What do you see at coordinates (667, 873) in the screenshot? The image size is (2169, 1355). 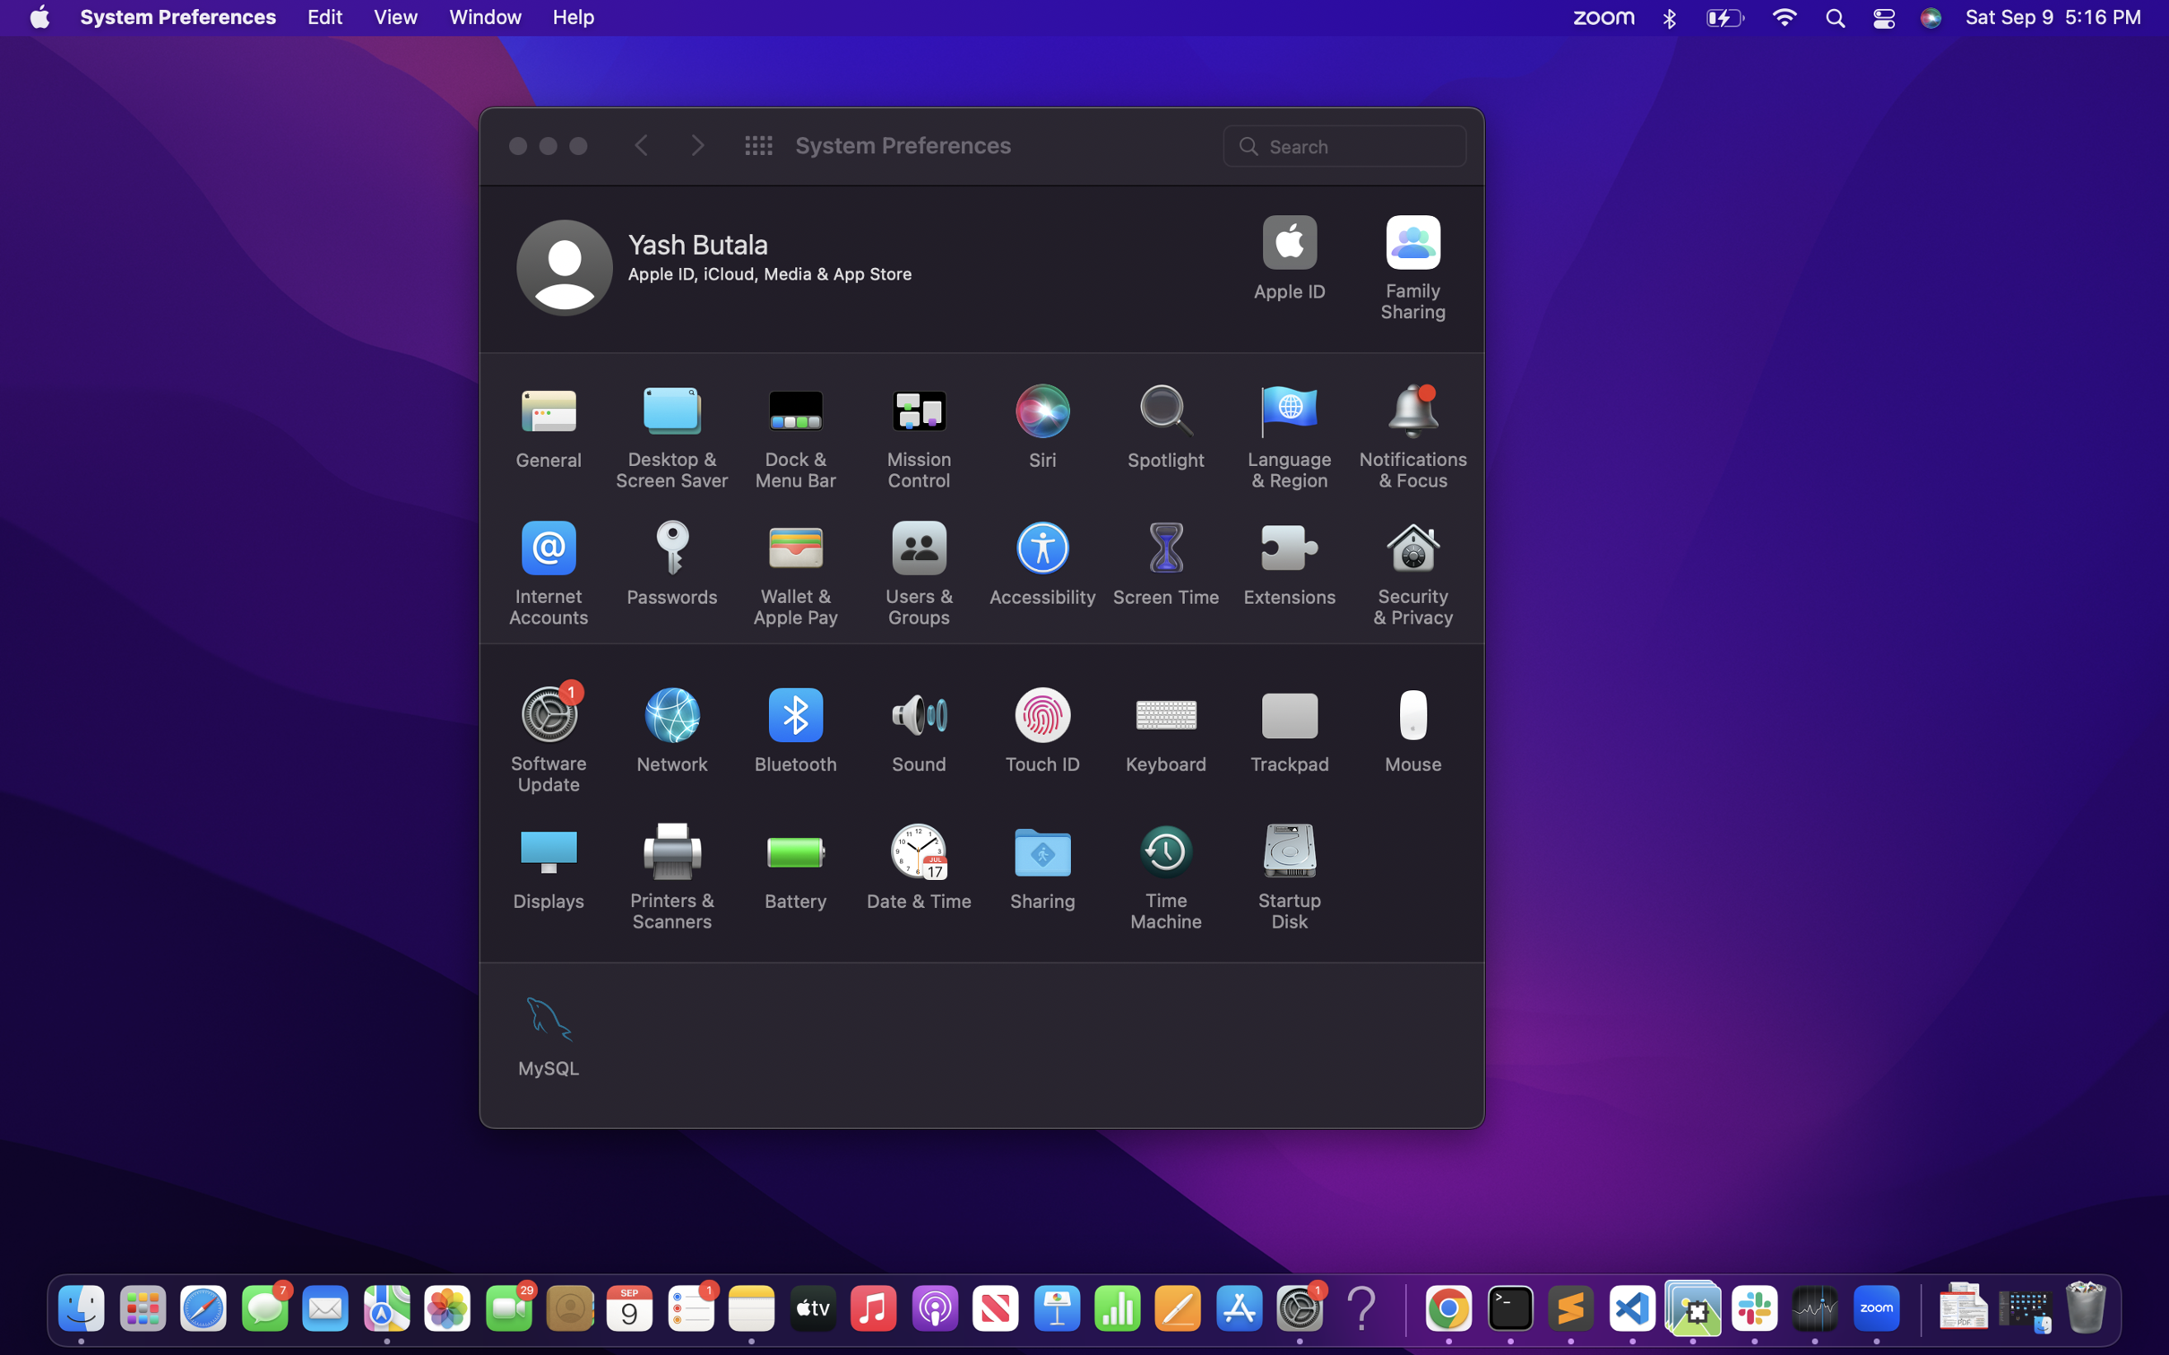 I see `Review the options to modify the main printer setting` at bounding box center [667, 873].